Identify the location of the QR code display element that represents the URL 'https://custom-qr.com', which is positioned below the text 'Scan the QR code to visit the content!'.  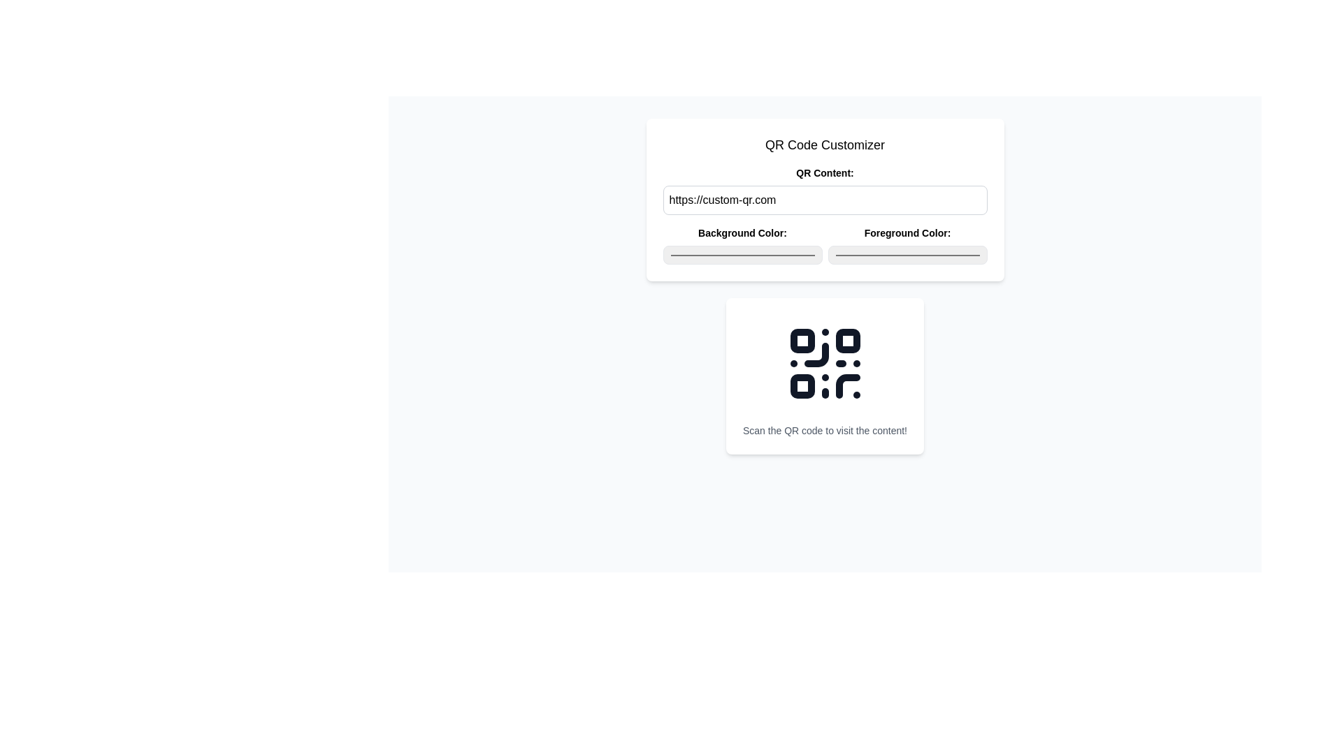
(825, 362).